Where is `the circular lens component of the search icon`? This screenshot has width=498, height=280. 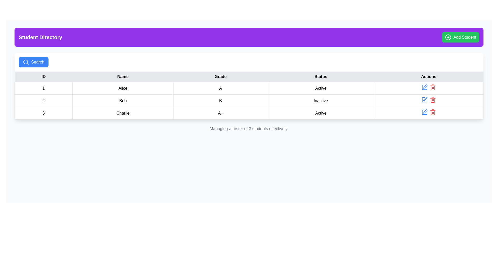 the circular lens component of the search icon is located at coordinates (25, 62).